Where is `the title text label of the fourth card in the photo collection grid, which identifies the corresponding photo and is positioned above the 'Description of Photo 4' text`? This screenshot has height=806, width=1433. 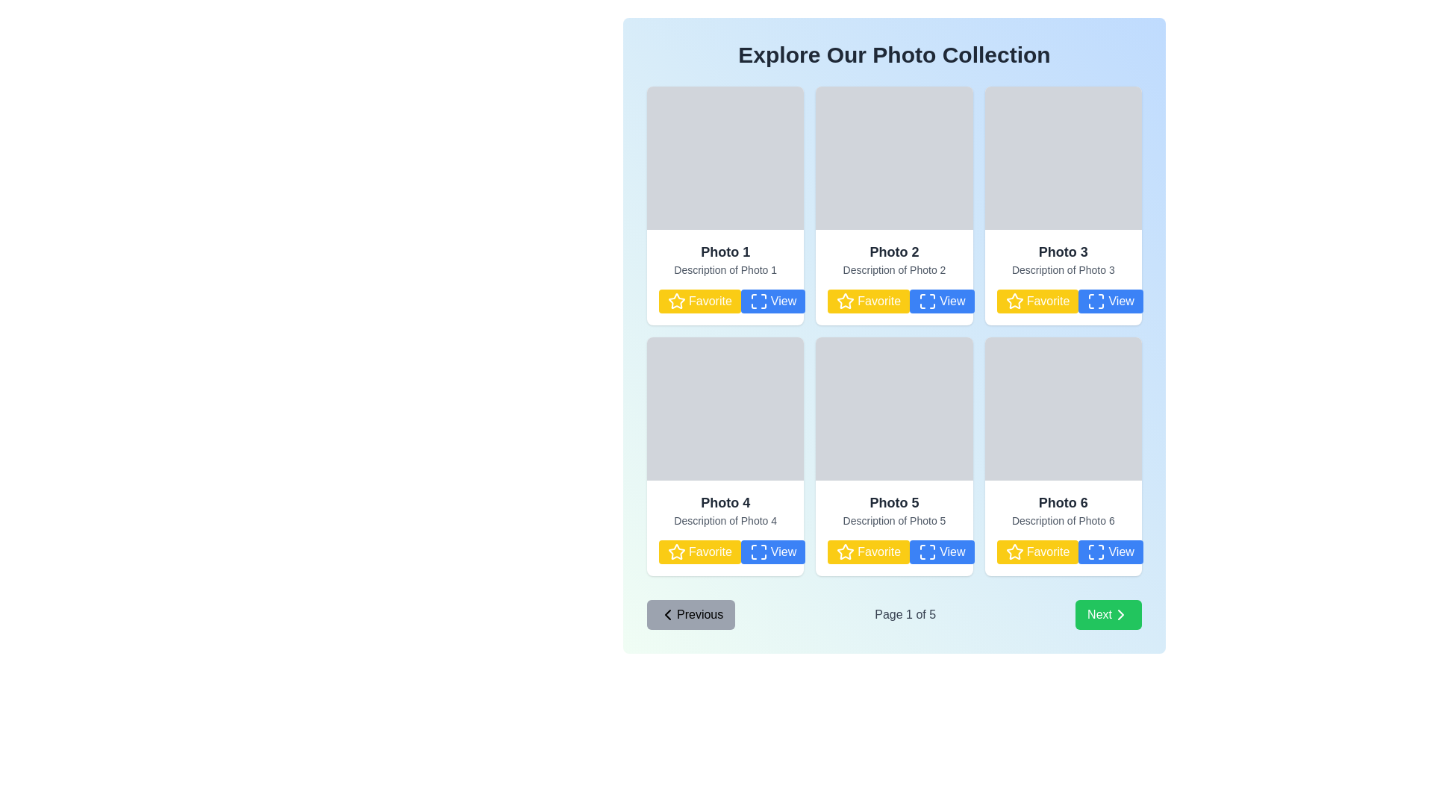 the title text label of the fourth card in the photo collection grid, which identifies the corresponding photo and is positioned above the 'Description of Photo 4' text is located at coordinates (725, 503).